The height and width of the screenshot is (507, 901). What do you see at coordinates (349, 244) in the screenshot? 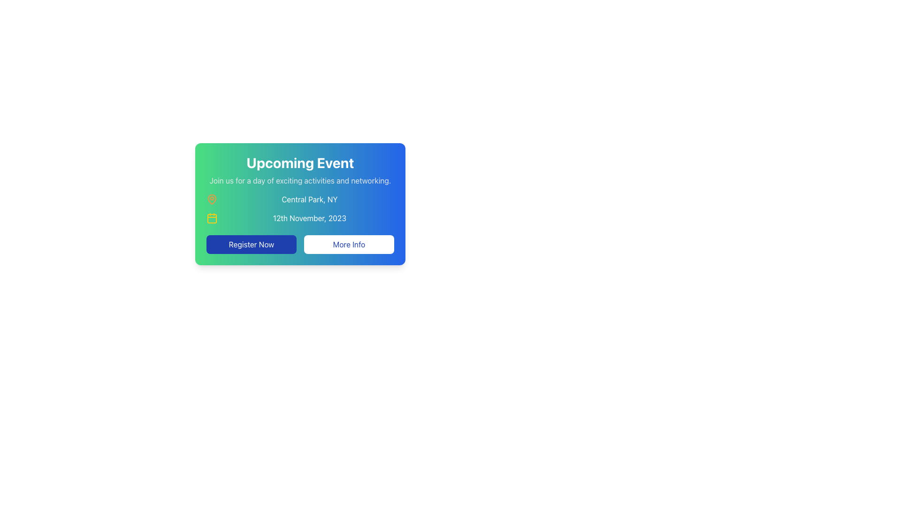
I see `the 'More Info' button, which is a rectangular button with a white background and blue text, located in the bottom-right section of a card component` at bounding box center [349, 244].